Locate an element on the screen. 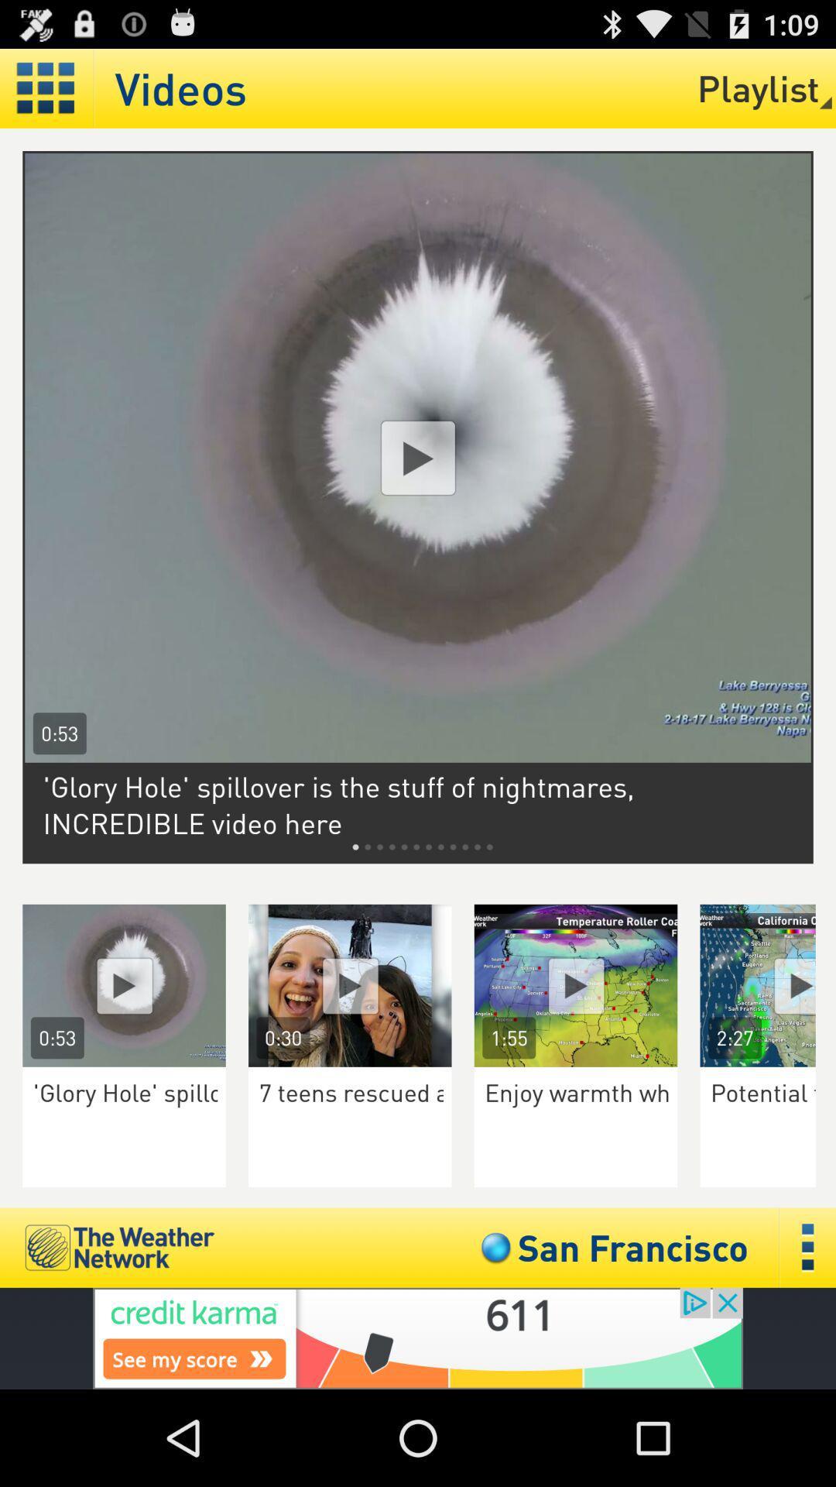  advertisement page is located at coordinates (418, 457).